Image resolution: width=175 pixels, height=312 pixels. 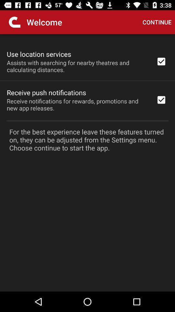 What do you see at coordinates (77, 66) in the screenshot?
I see `the item above receive push notifications` at bounding box center [77, 66].